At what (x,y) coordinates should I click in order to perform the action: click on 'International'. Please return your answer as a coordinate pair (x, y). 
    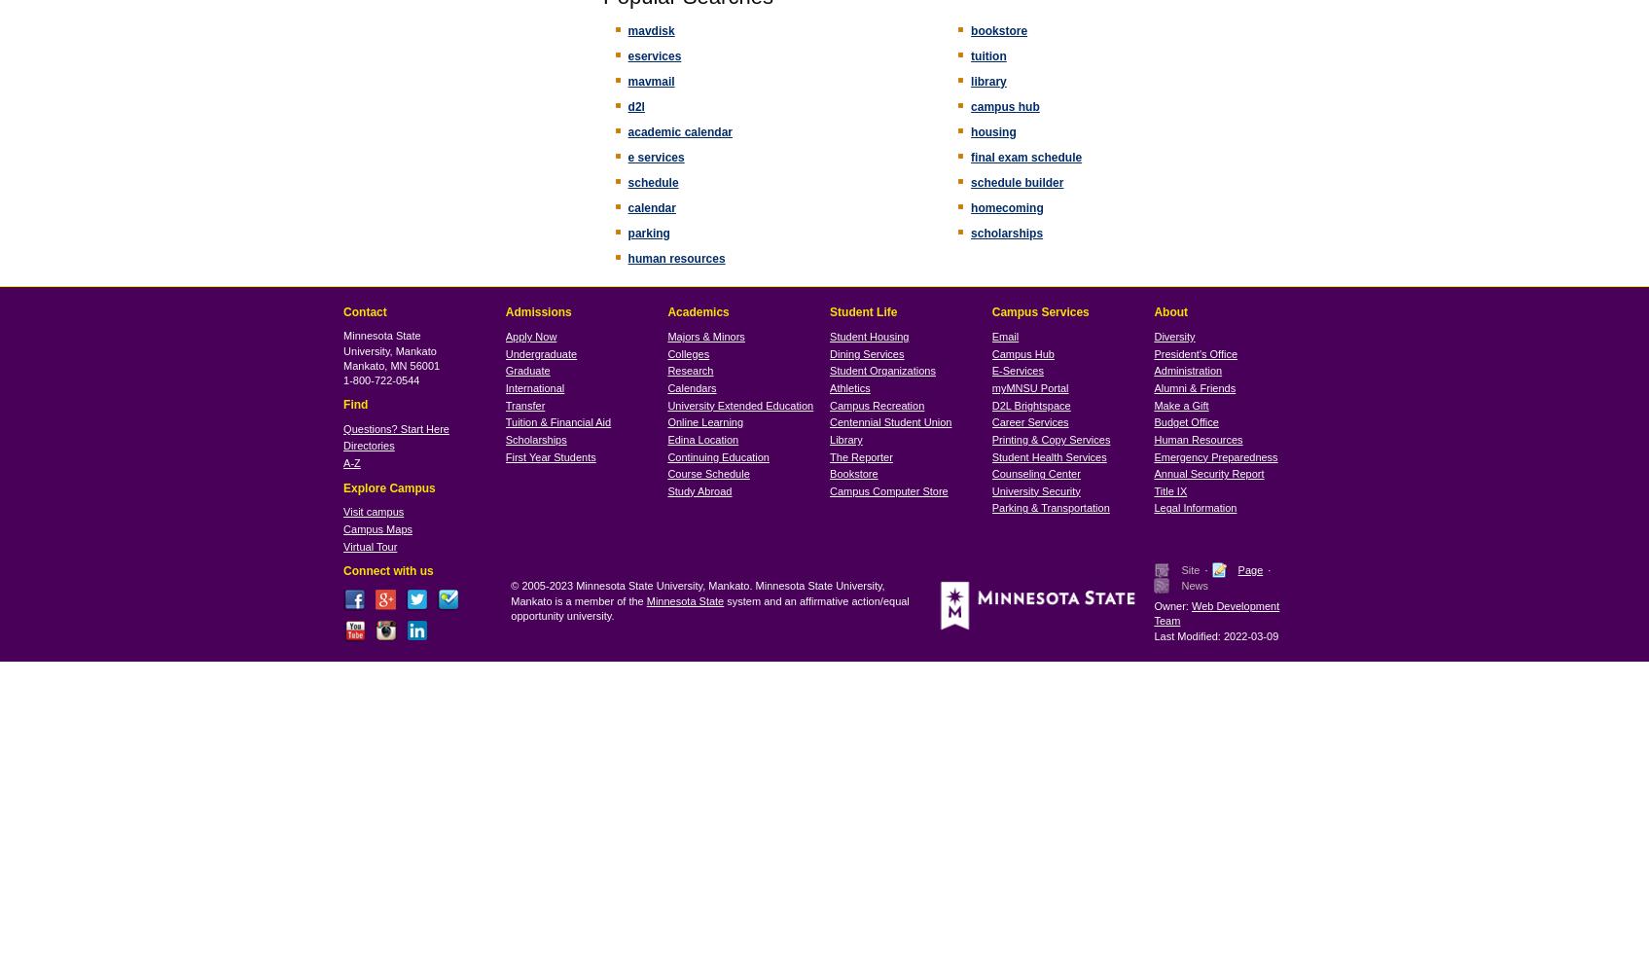
    Looking at the image, I should click on (534, 388).